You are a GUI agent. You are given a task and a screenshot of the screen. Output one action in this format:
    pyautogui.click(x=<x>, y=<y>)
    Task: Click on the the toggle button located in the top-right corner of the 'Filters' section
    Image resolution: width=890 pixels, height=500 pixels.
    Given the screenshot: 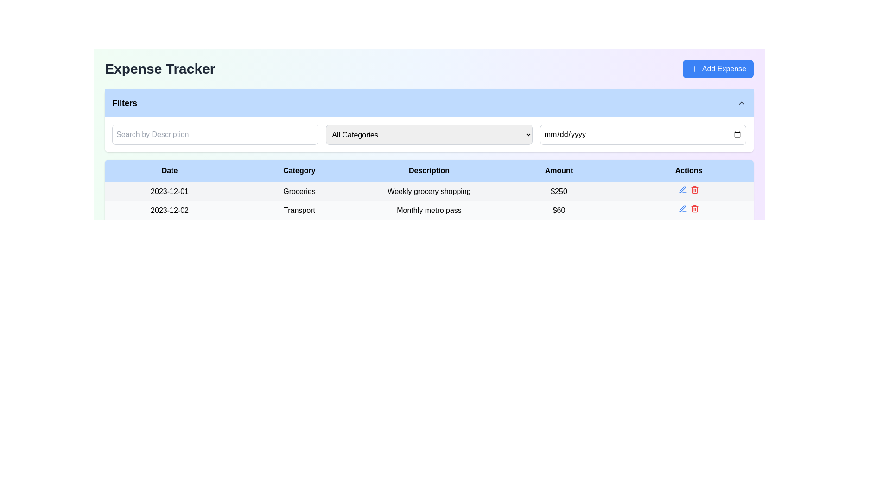 What is the action you would take?
    pyautogui.click(x=741, y=103)
    